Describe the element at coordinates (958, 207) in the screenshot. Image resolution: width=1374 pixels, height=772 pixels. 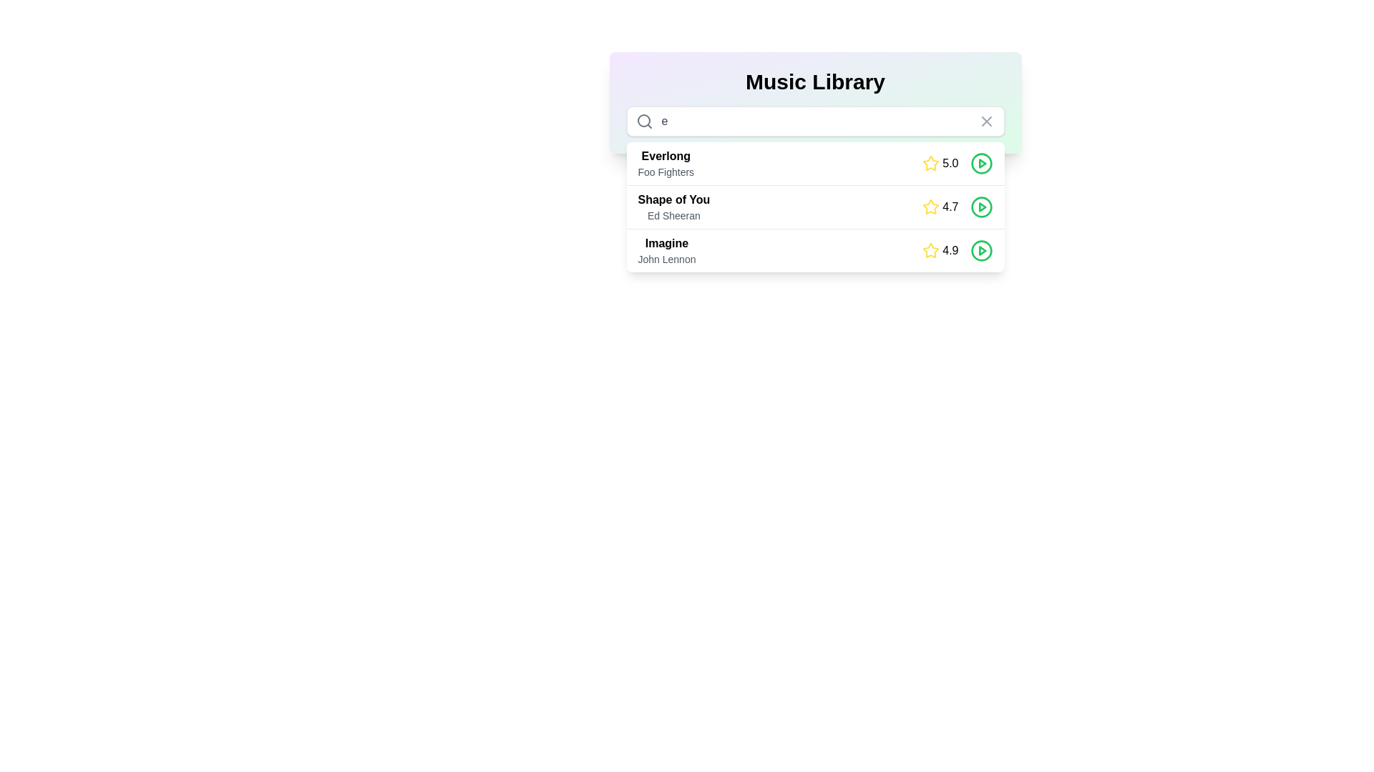
I see `the text label indicating a rating value of '4.7' located in the second row of the song list in the 'Music Library' interface, which is styled as plain black text and positioned to the right of a yellow star icon` at that location.